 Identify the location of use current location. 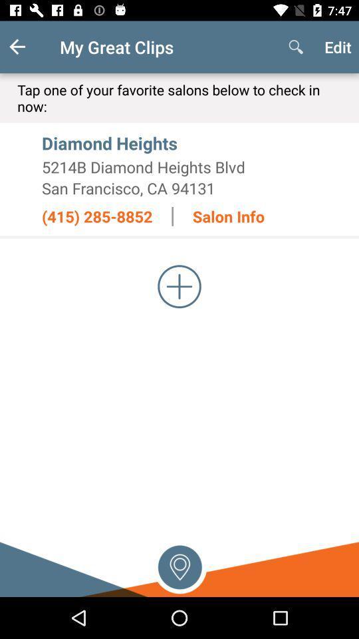
(179, 565).